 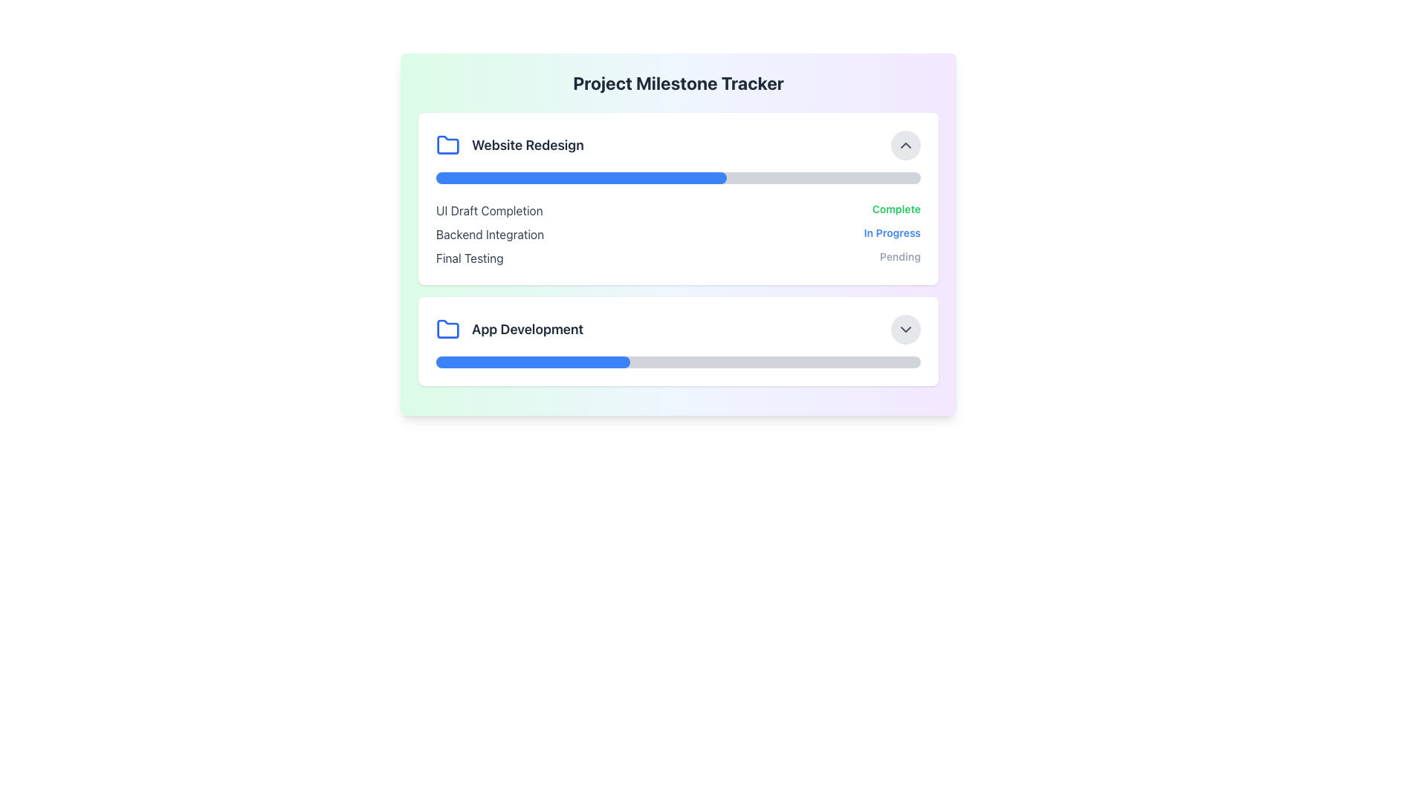 What do you see at coordinates (677, 341) in the screenshot?
I see `the second milestone card displaying 'App Development' details in the project tracking interface` at bounding box center [677, 341].